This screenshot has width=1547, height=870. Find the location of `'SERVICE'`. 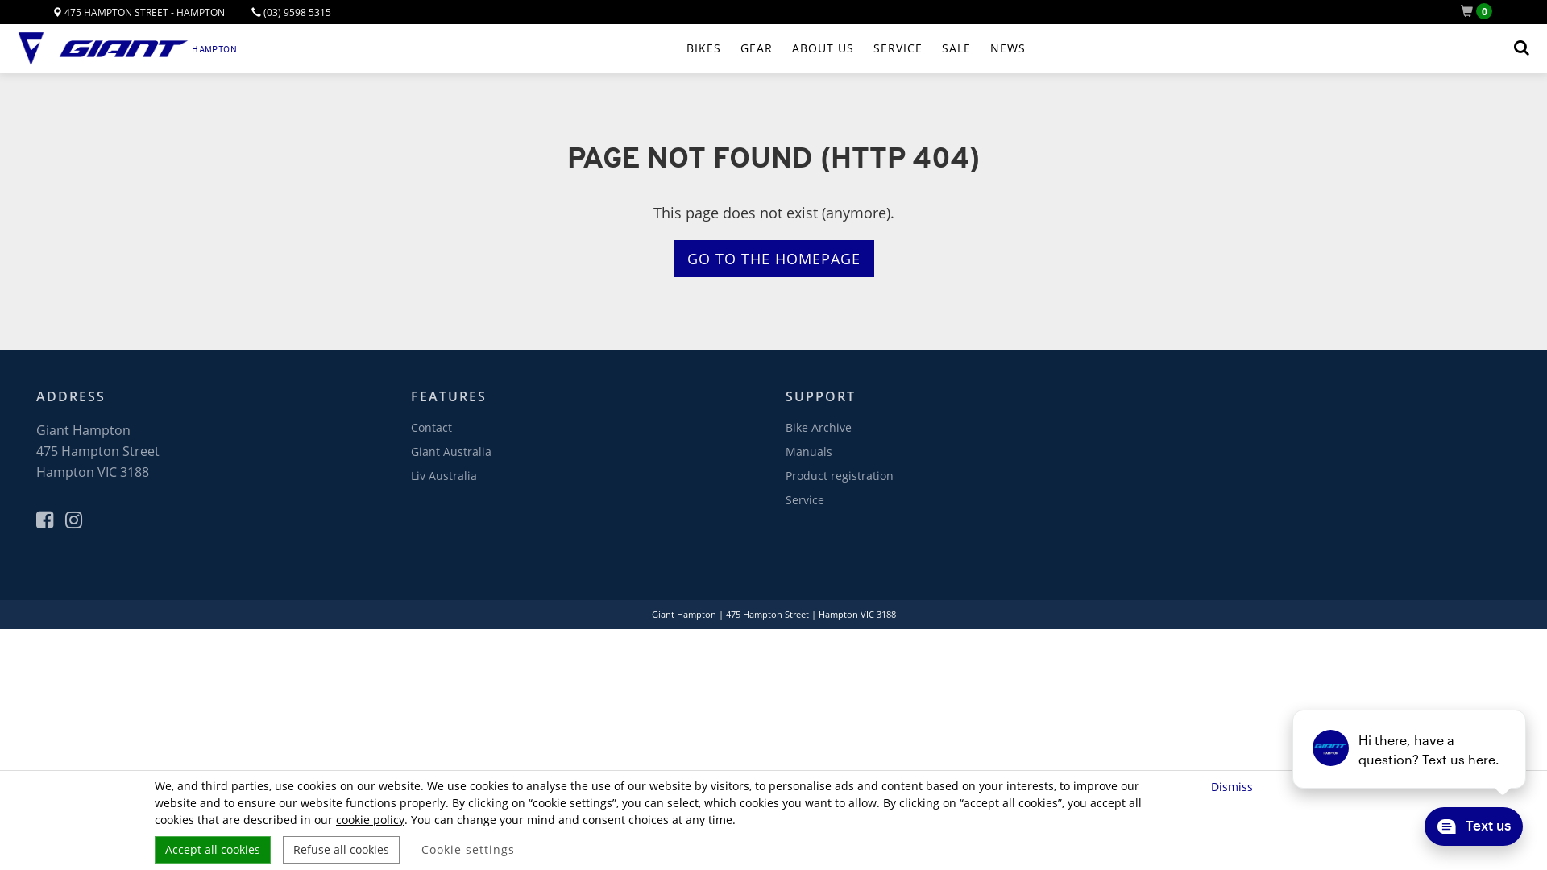

'SERVICE' is located at coordinates (897, 48).